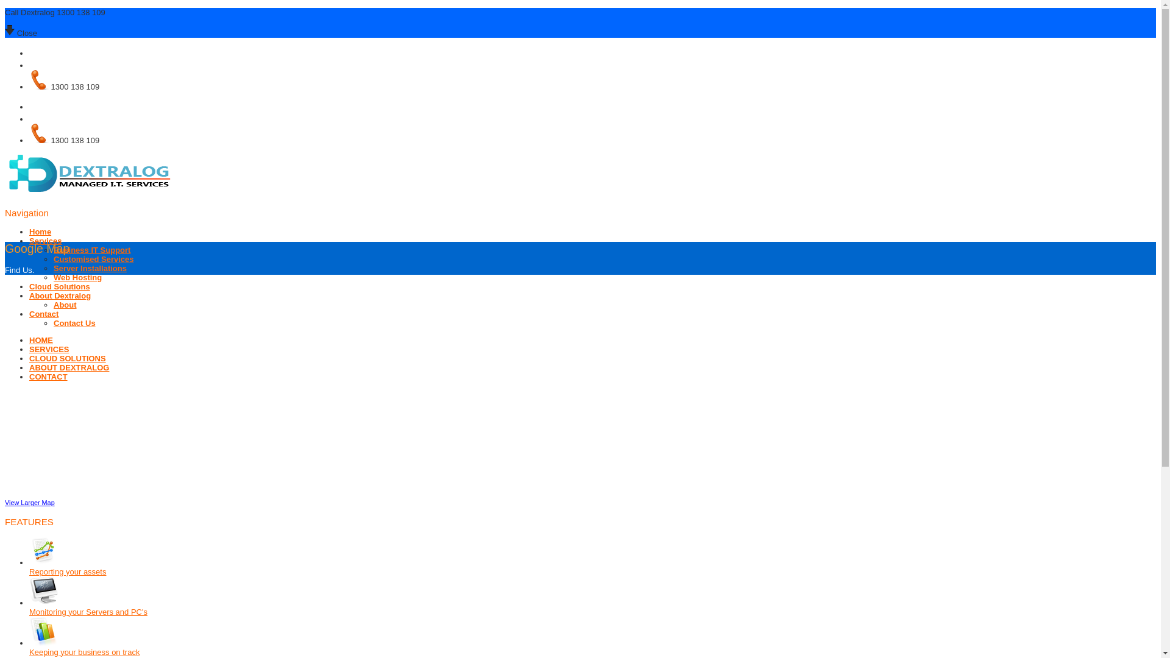  What do you see at coordinates (29, 367) in the screenshot?
I see `'ABOUT DEXTRALOG'` at bounding box center [29, 367].